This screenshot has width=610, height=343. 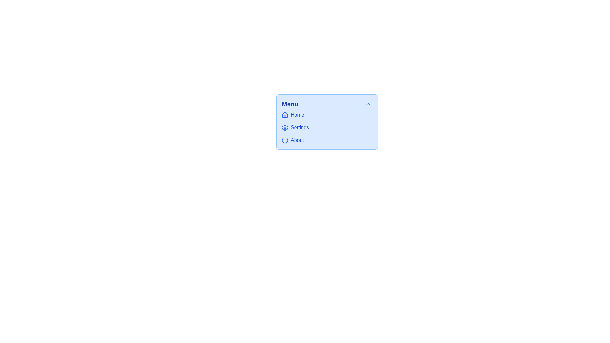 I want to click on text of the third menu item in the vertical list, which is located below 'Home' and 'Settings', and is aligned with an icon on the left, so click(x=297, y=140).